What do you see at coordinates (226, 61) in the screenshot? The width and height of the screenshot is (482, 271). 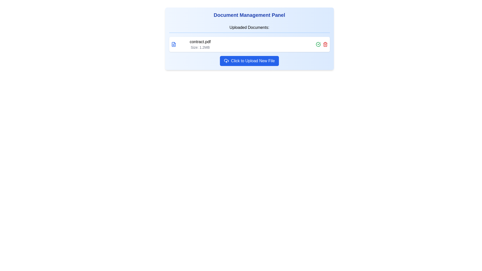 I see `the upload icon located inside a blue button, which is positioned to the left of the text 'Click to Upload New File'` at bounding box center [226, 61].